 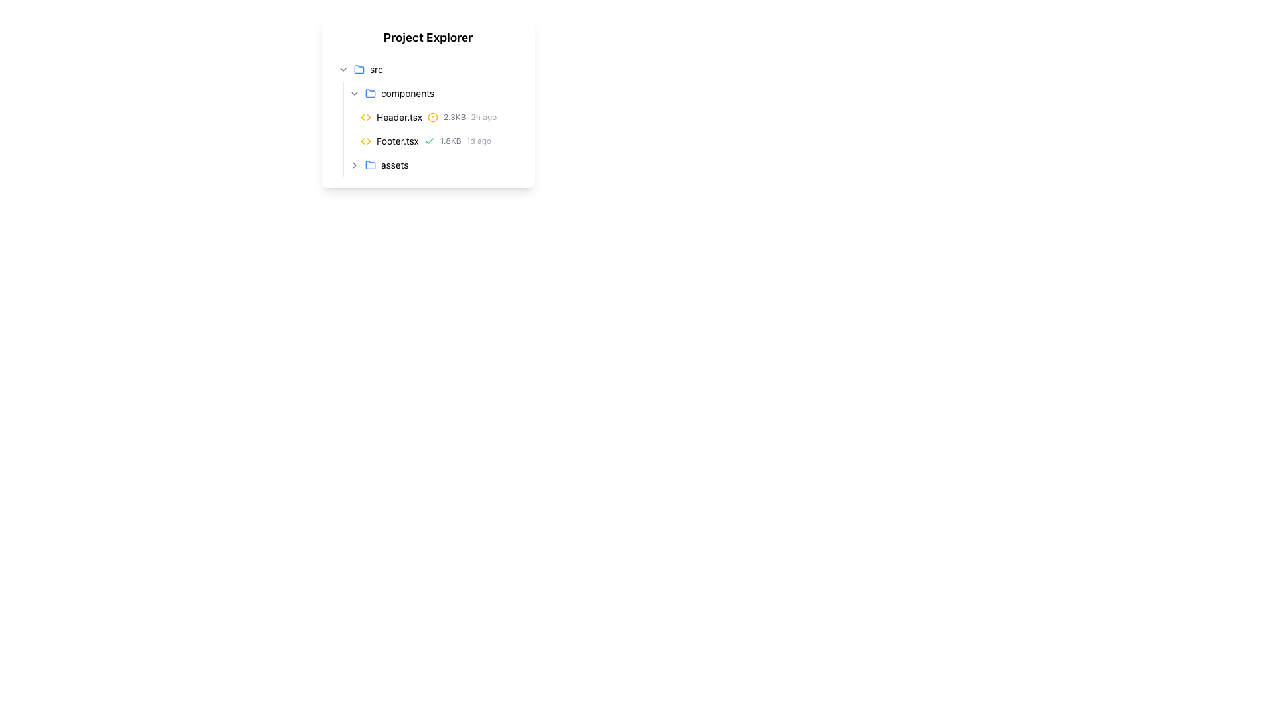 What do you see at coordinates (433, 117) in the screenshot?
I see `the warning or alert icon located next to the text 'Header.tsx 2.3KB 2h ago' in the file list interface` at bounding box center [433, 117].